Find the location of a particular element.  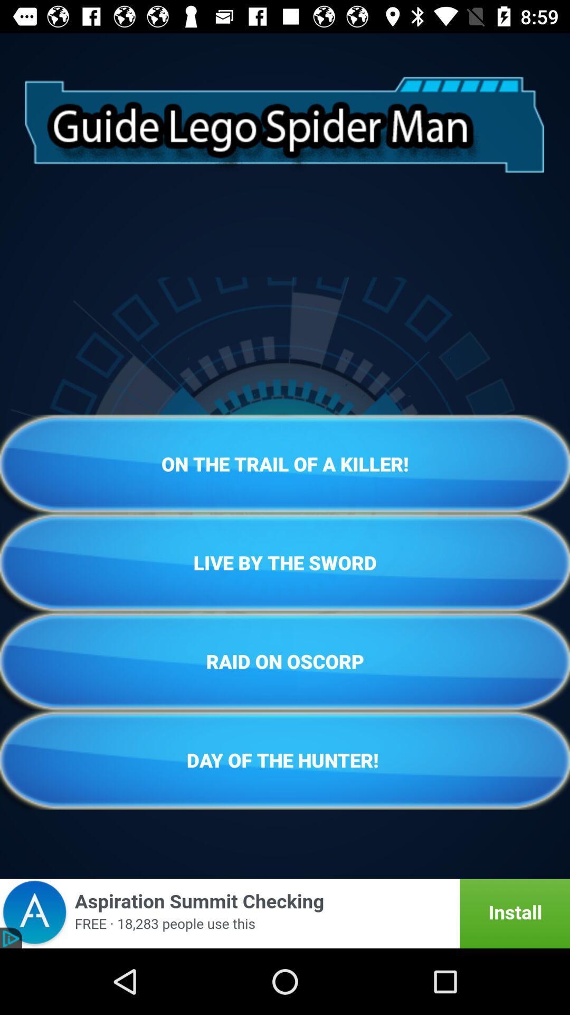

install an app from the banner is located at coordinates (285, 913).